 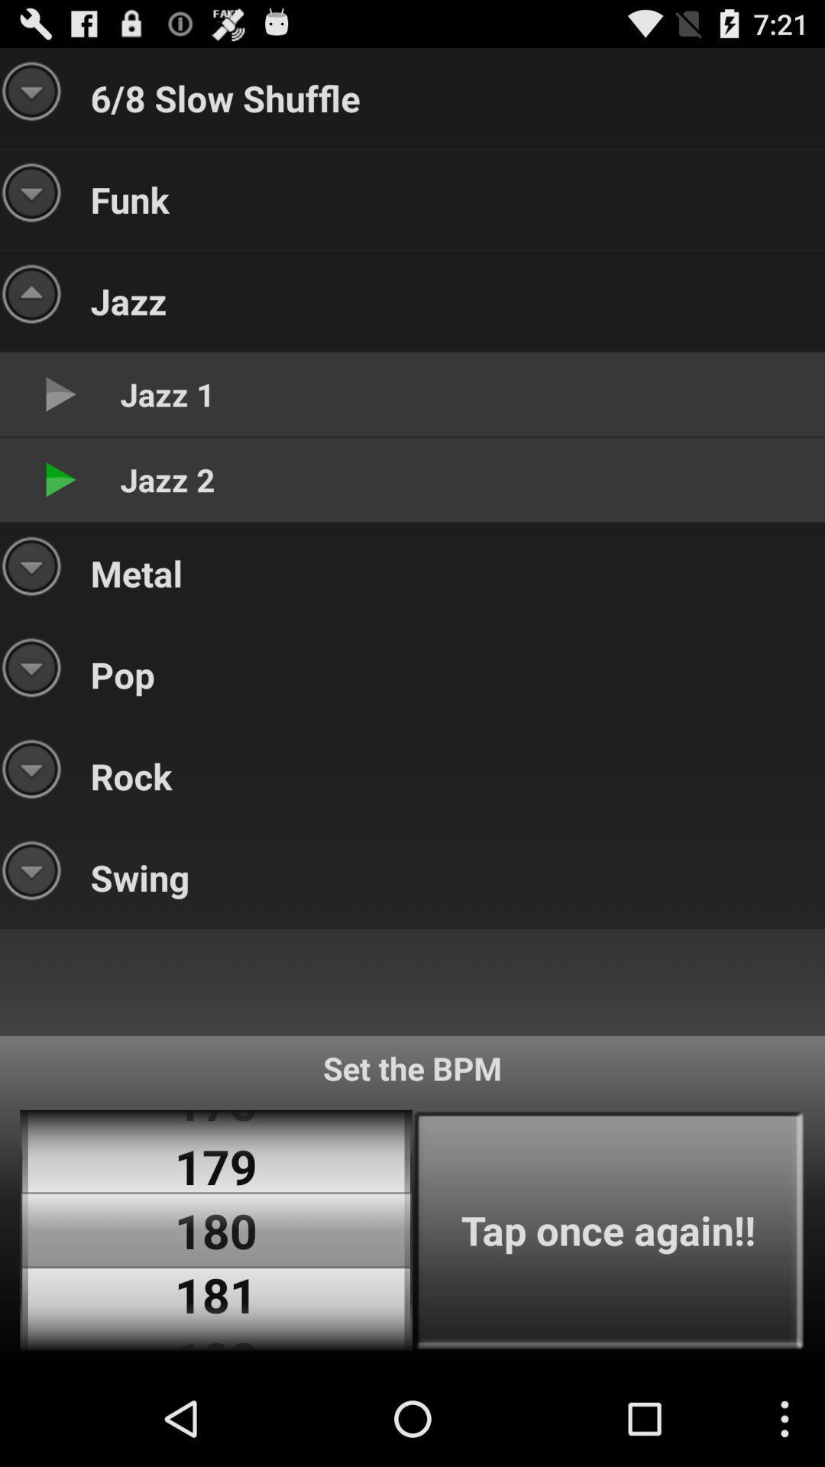 What do you see at coordinates (608, 1230) in the screenshot?
I see `tap once again icon` at bounding box center [608, 1230].